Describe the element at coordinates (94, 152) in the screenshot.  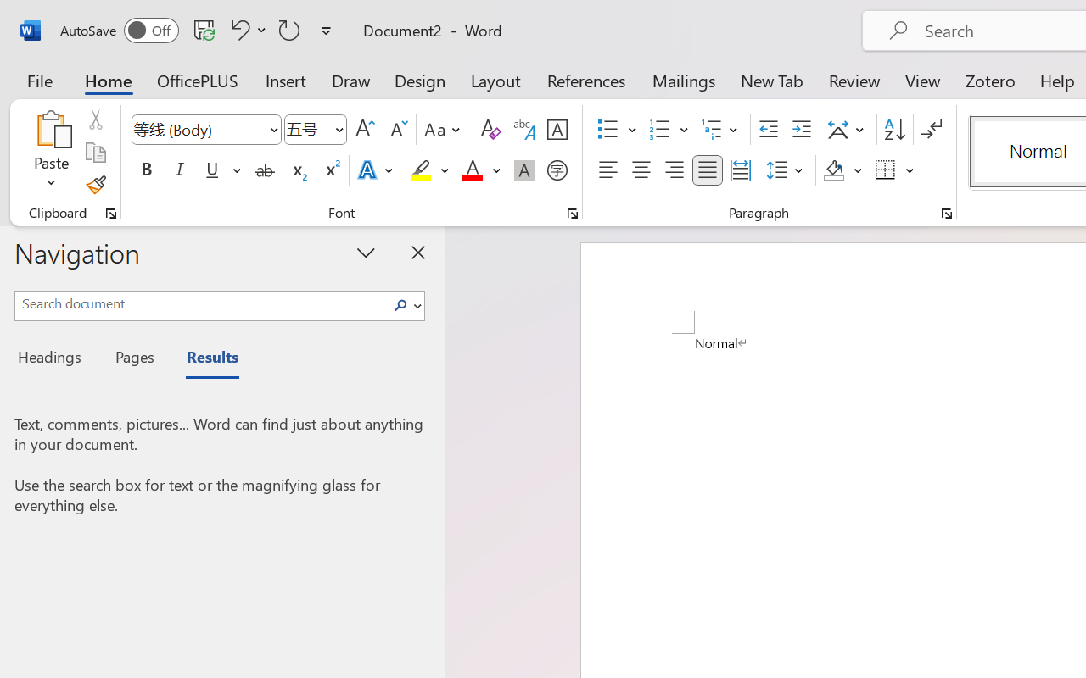
I see `'Copy'` at that location.